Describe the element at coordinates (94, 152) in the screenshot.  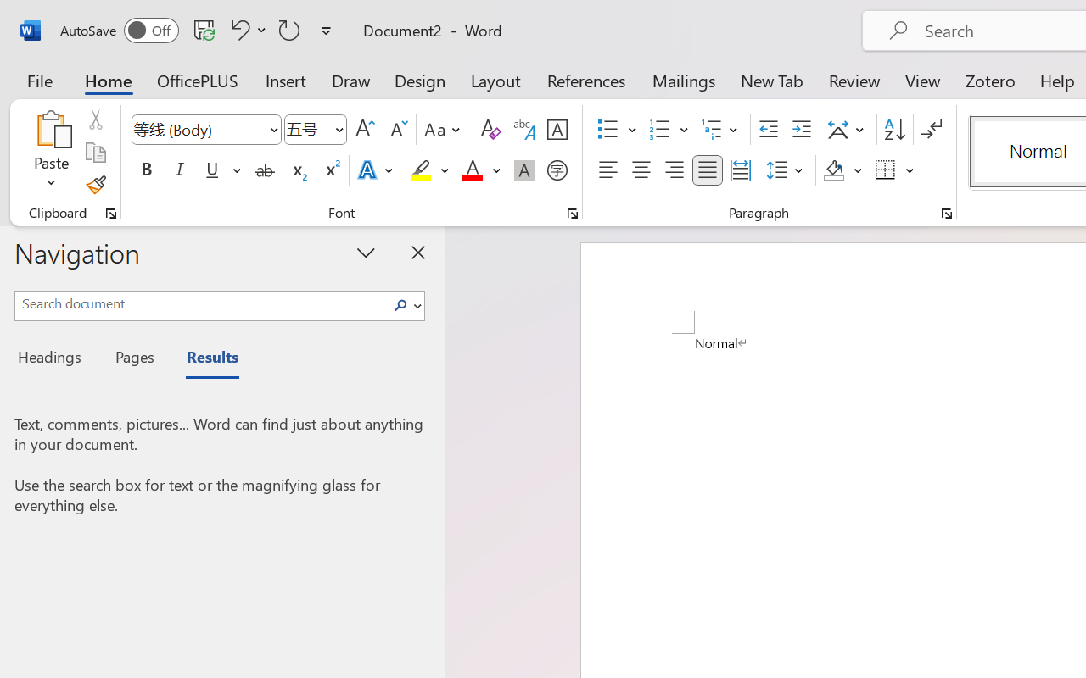
I see `'Copy'` at that location.